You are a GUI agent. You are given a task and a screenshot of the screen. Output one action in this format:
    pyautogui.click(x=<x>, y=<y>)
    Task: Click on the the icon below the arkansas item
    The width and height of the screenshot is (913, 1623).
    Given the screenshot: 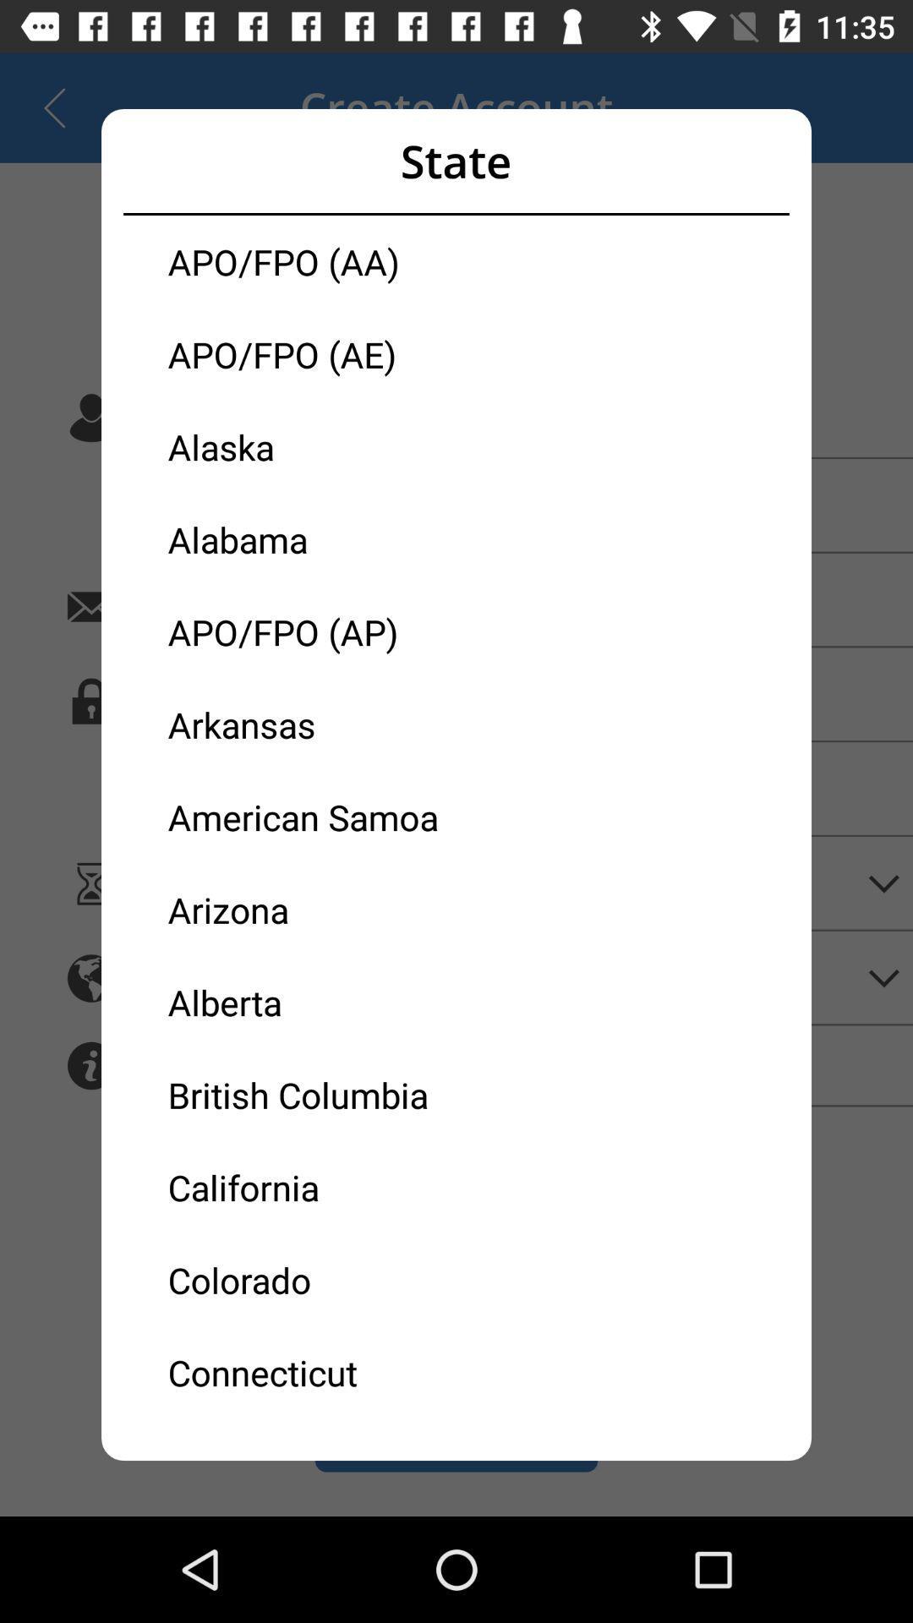 What is the action you would take?
    pyautogui.click(x=312, y=817)
    